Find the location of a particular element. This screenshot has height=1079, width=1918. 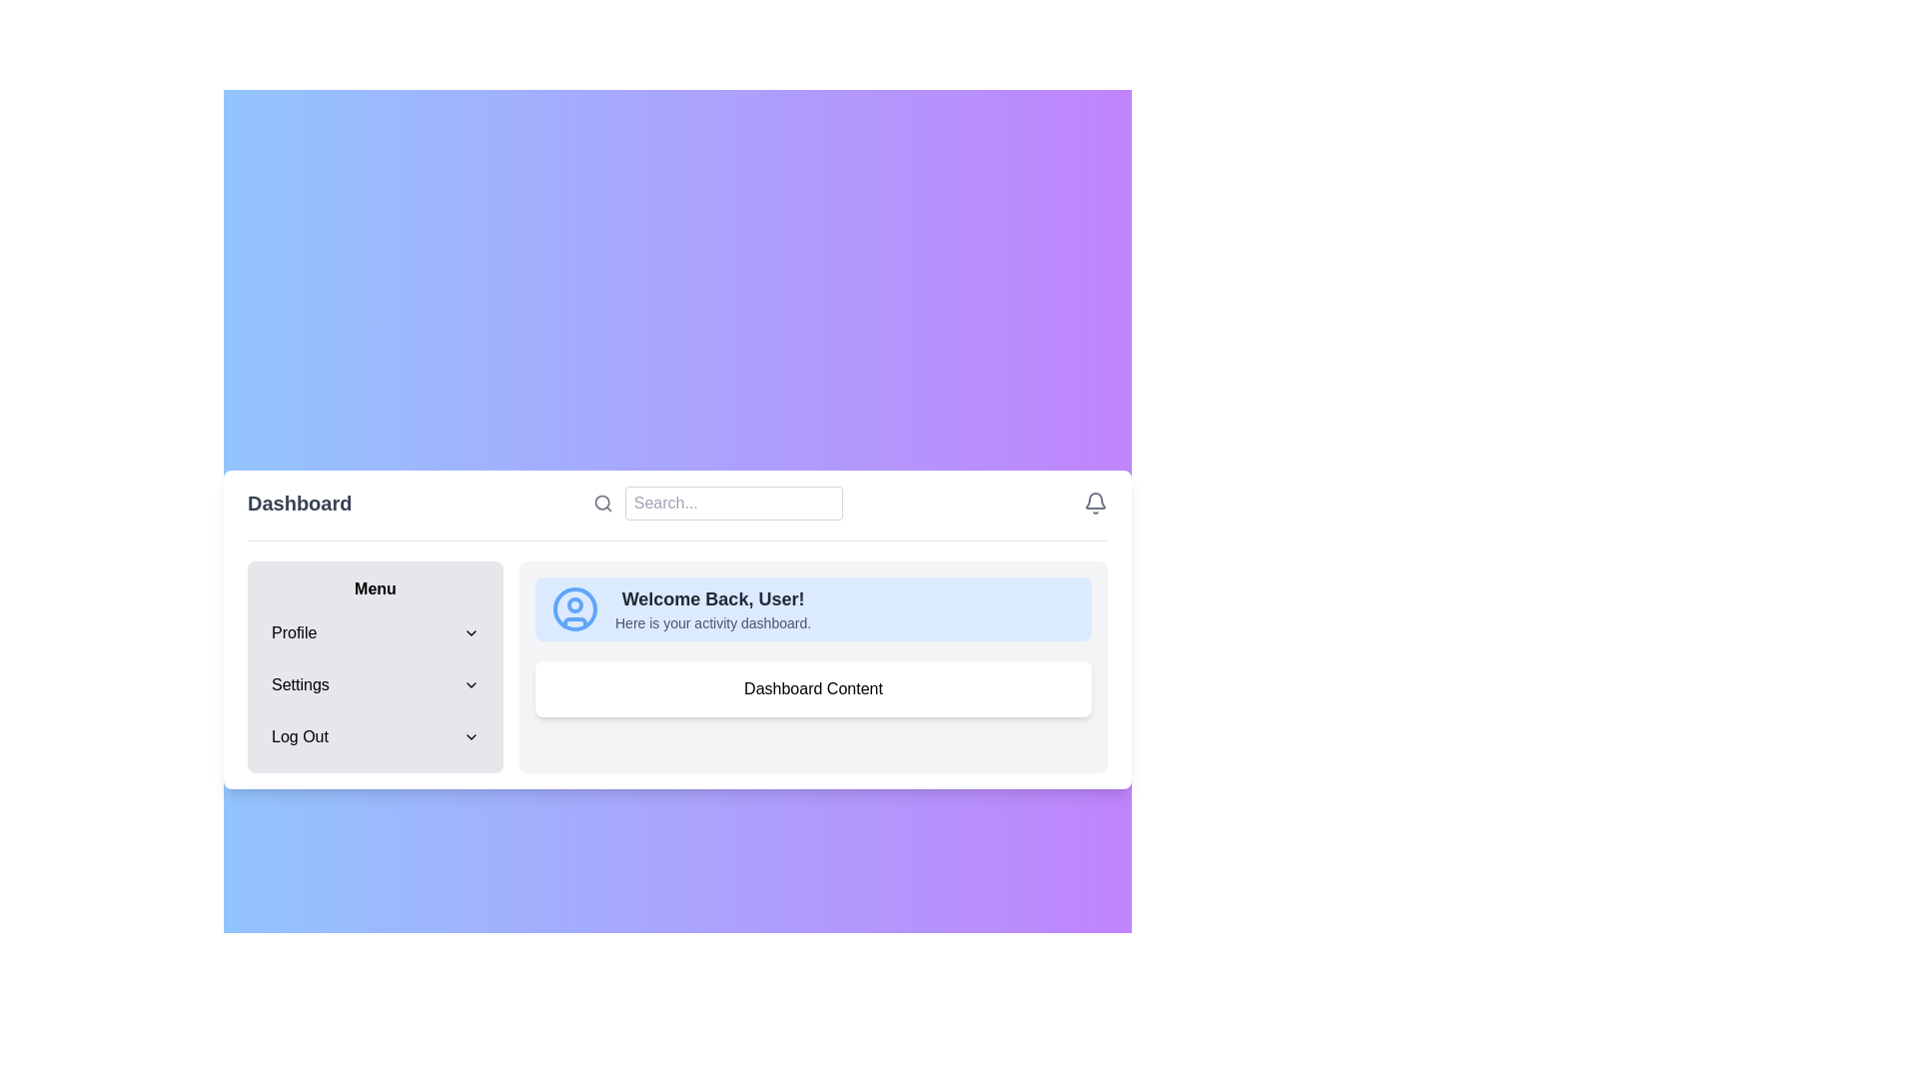

the bell icon in the top-right corner of the navigation bar is located at coordinates (1095, 501).